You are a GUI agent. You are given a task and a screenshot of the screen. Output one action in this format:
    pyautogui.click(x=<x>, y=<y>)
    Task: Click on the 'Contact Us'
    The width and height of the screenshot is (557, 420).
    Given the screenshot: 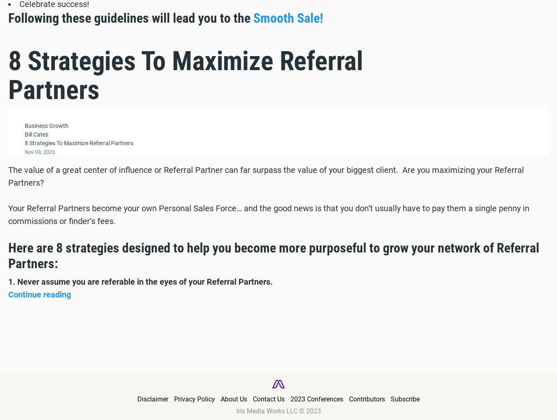 What is the action you would take?
    pyautogui.click(x=269, y=398)
    